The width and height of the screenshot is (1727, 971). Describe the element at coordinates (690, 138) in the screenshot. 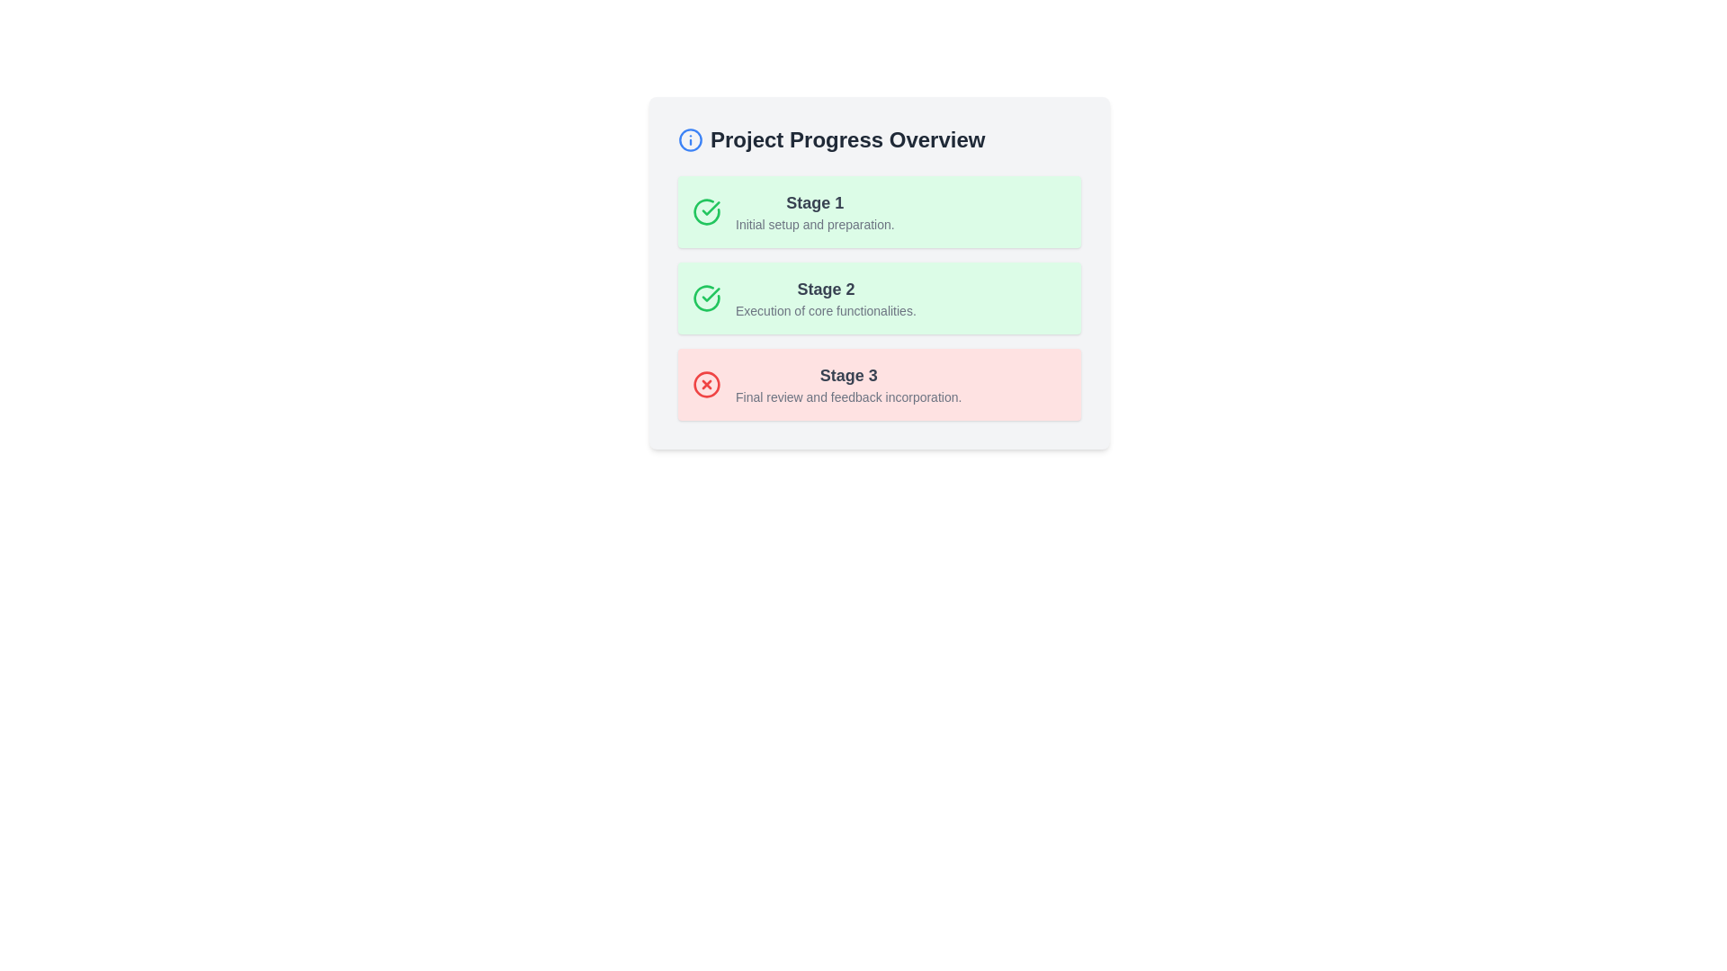

I see `the circular shape with a blue border located inside the blue circular icon preceding the heading 'Project Progress Overview'` at that location.